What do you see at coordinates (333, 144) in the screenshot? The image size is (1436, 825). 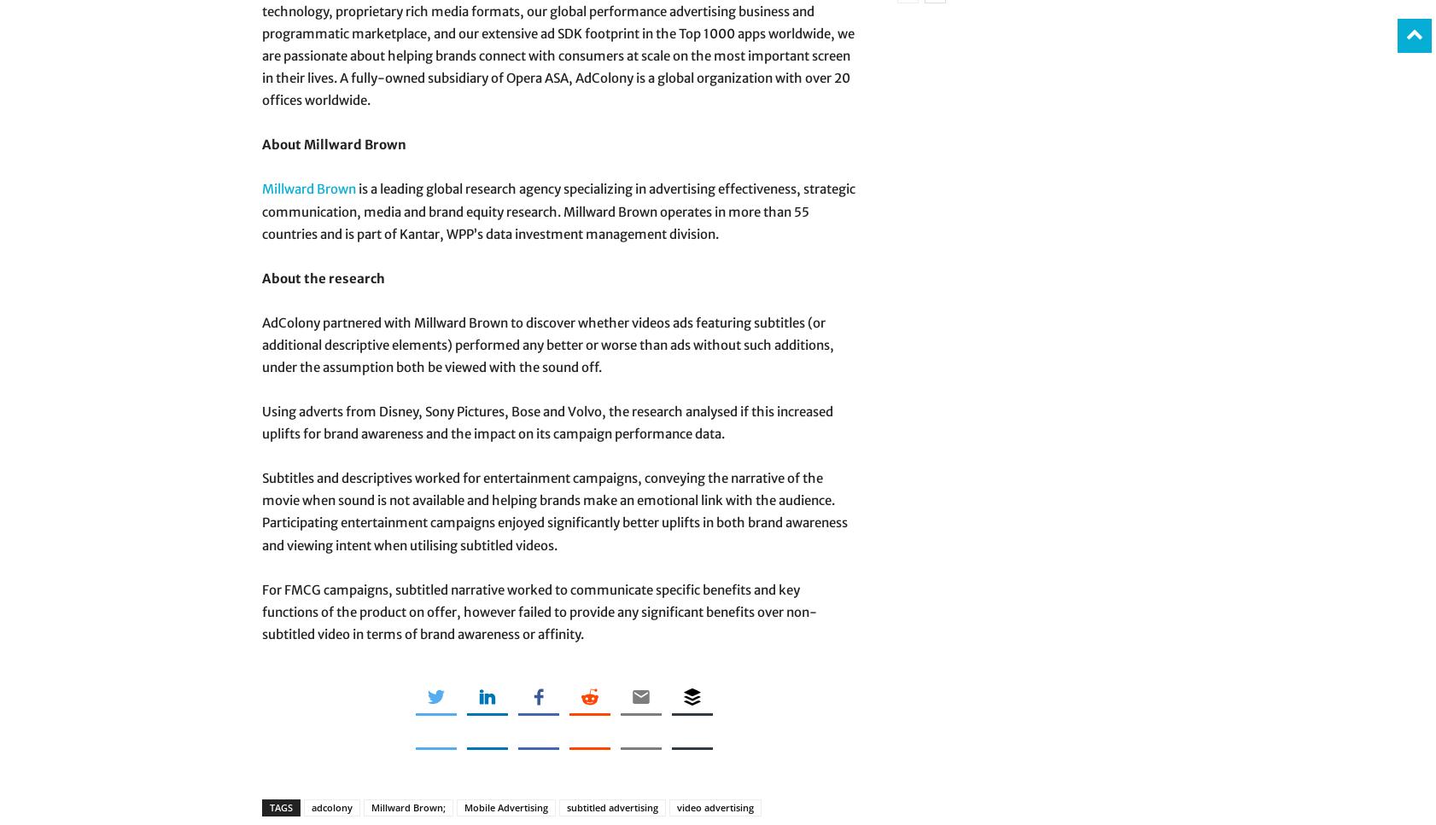 I see `'About Millward Brown'` at bounding box center [333, 144].